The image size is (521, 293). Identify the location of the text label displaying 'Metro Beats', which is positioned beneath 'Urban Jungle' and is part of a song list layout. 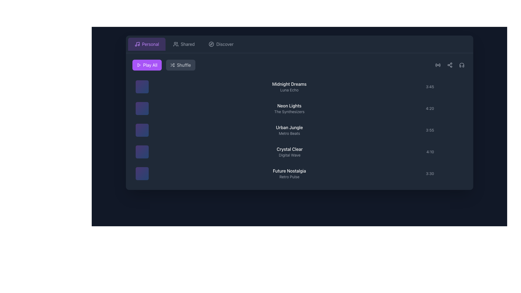
(289, 133).